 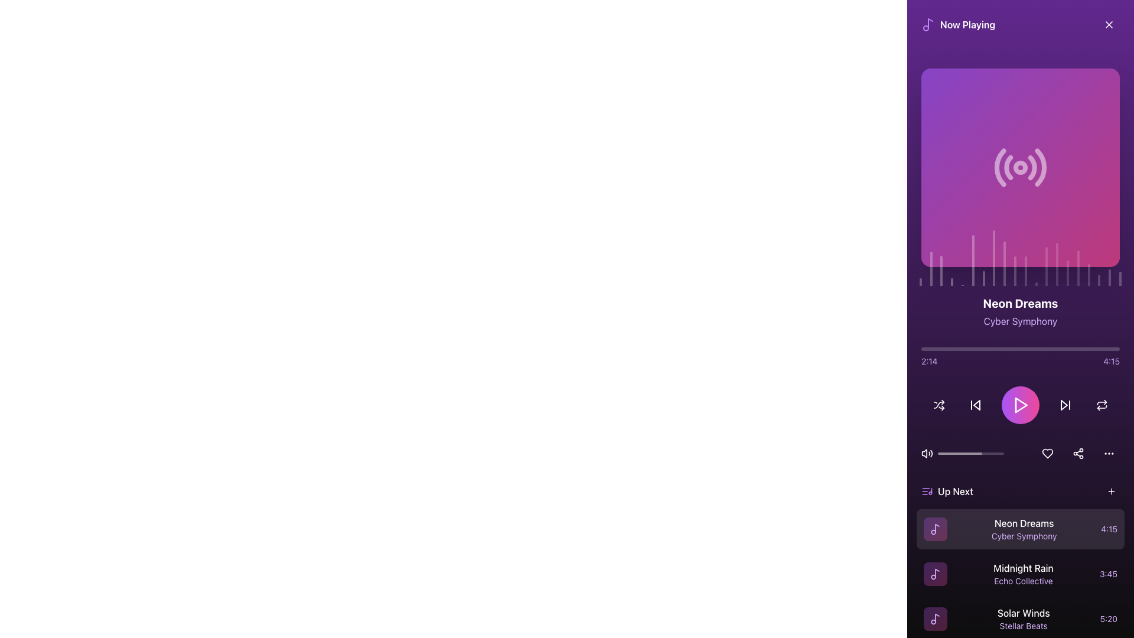 I want to click on the shuffle icon located in the control bar of the music player interface, so click(x=938, y=405).